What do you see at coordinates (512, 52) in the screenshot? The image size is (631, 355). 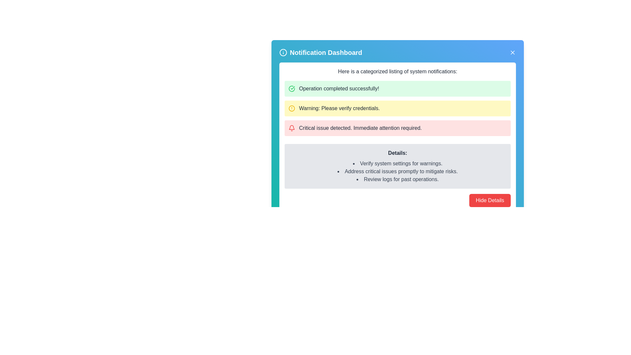 I see `the 'X' icon, which serves as a close or dismiss button located in the top-right corner of the notification panel` at bounding box center [512, 52].